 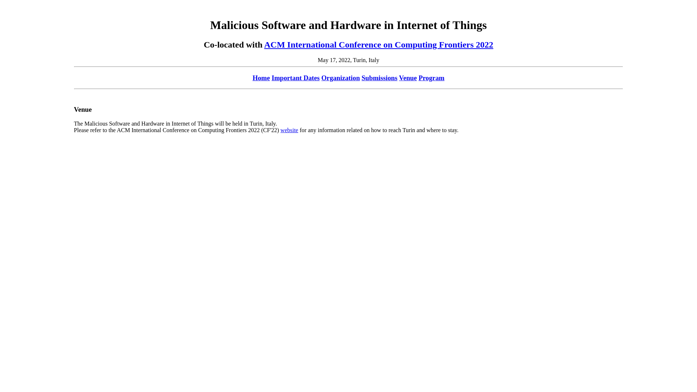 What do you see at coordinates (431, 78) in the screenshot?
I see `'Program'` at bounding box center [431, 78].